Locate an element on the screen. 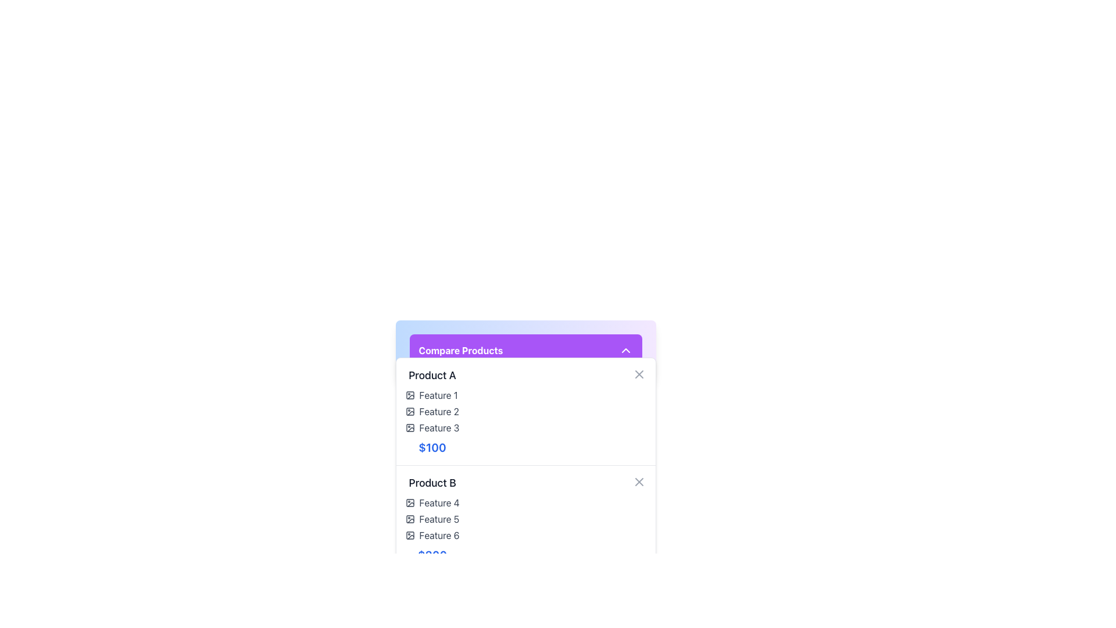 The width and height of the screenshot is (1116, 628). the third list item under 'Product A', which contains an icon and text describing a feature of the product is located at coordinates (432, 428).